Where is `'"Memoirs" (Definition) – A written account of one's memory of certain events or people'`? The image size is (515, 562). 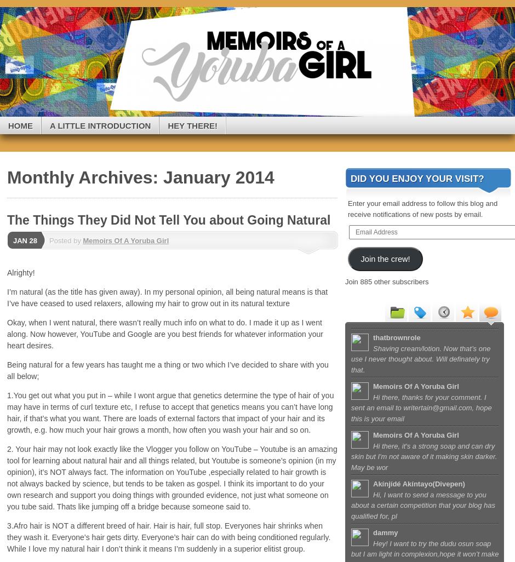 '"Memoirs" (Definition) – A written account of one's memory of certain events or people' is located at coordinates (222, 50).